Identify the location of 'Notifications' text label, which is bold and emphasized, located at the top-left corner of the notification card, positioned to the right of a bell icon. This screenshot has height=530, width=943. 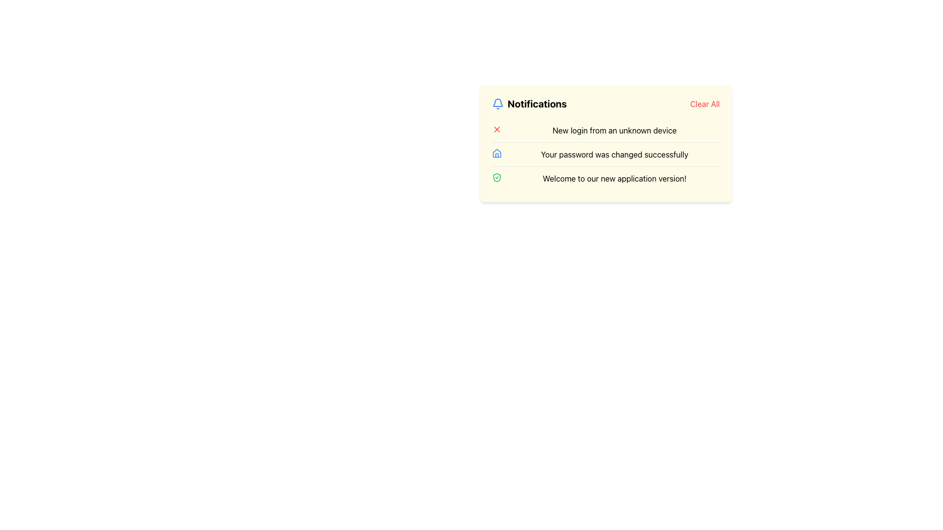
(536, 104).